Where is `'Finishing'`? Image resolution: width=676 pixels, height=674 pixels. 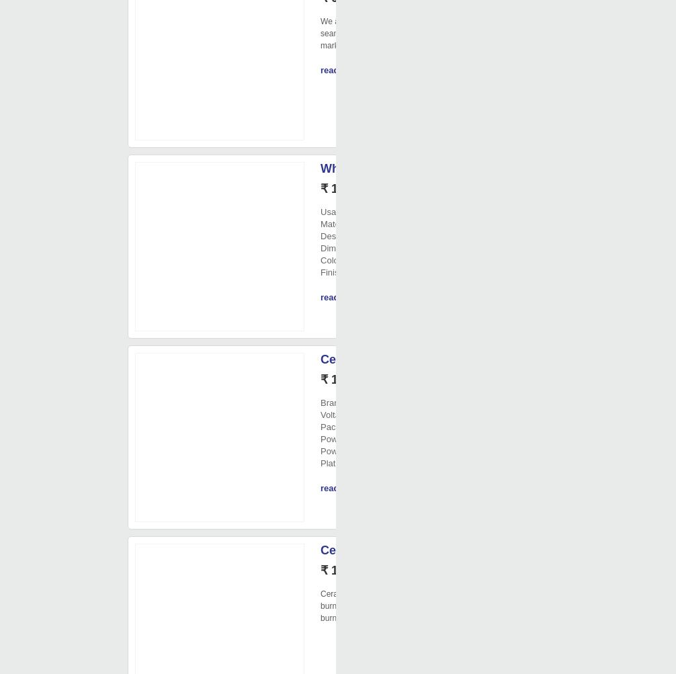
'Finishing' is located at coordinates (320, 272).